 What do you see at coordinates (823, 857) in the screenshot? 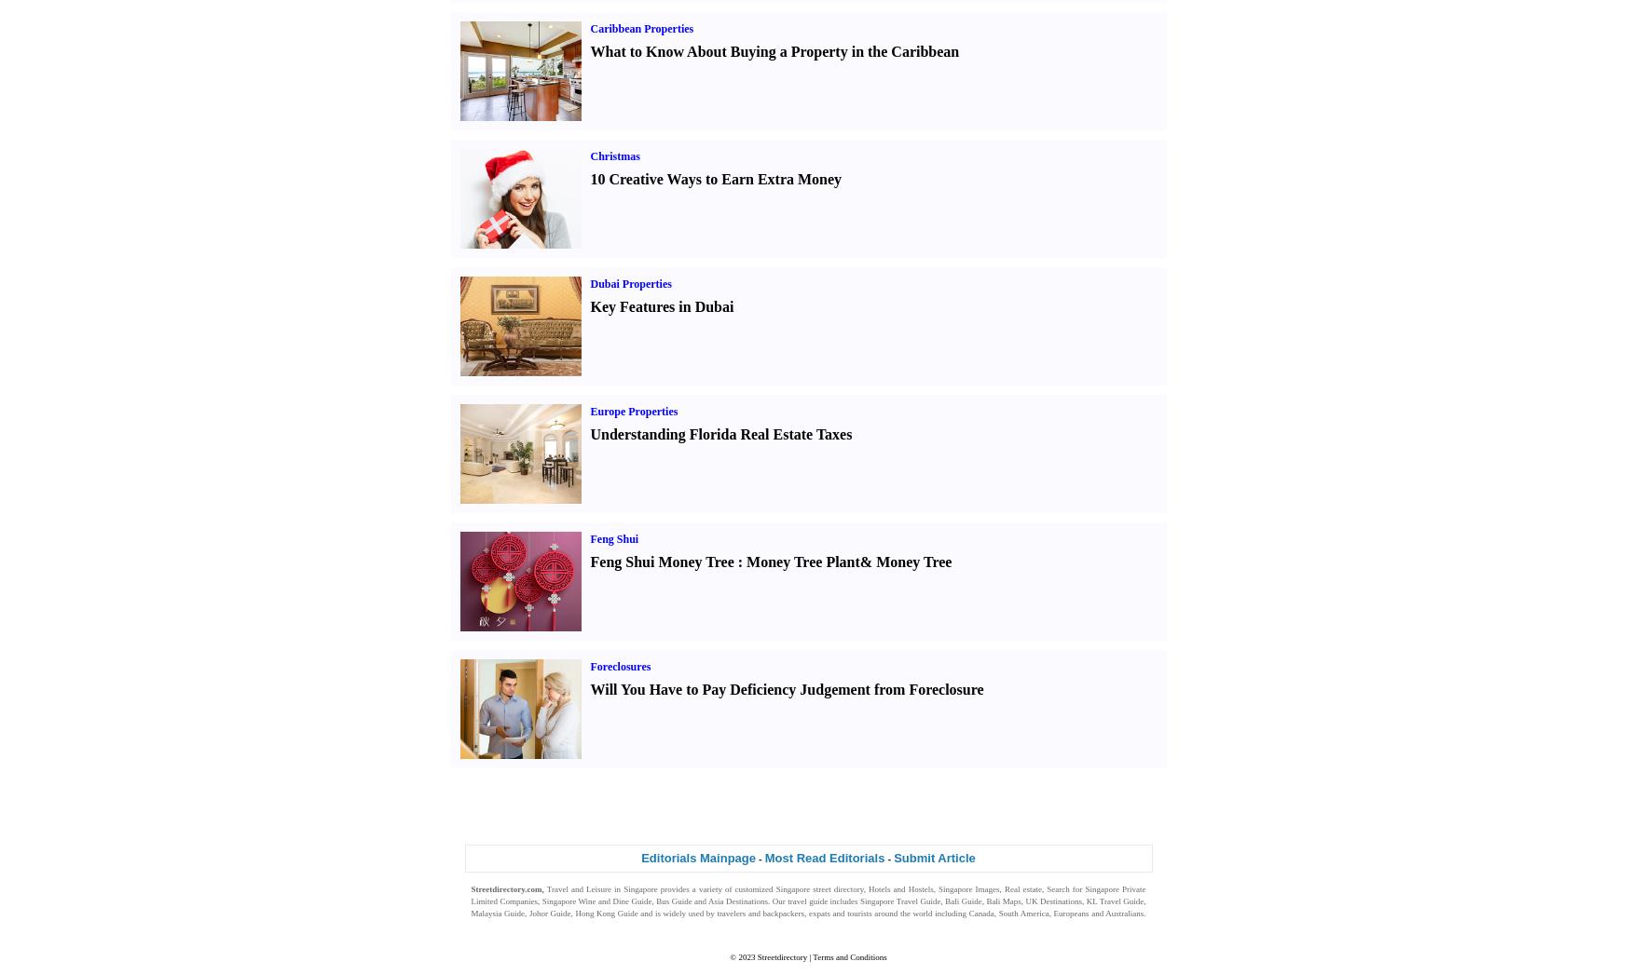
I see `'Most Read Editorials'` at bounding box center [823, 857].